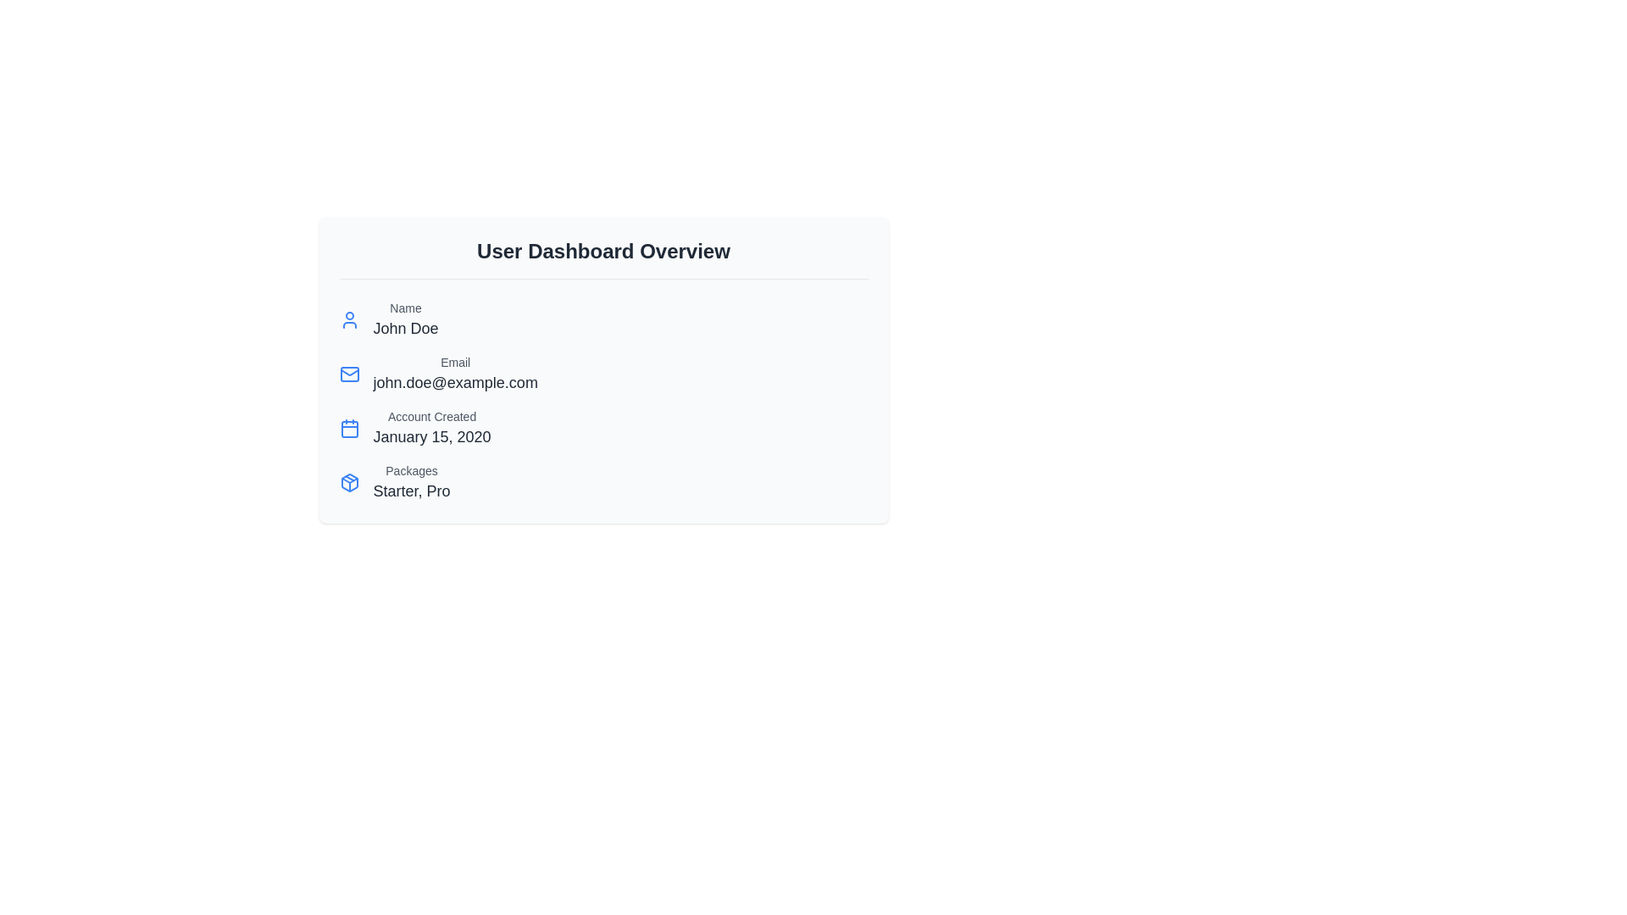 The width and height of the screenshot is (1627, 915). I want to click on the text block displaying the user's email address, which is located below the 'John Doe' user name in the User Dashboard Overview, so click(455, 374).